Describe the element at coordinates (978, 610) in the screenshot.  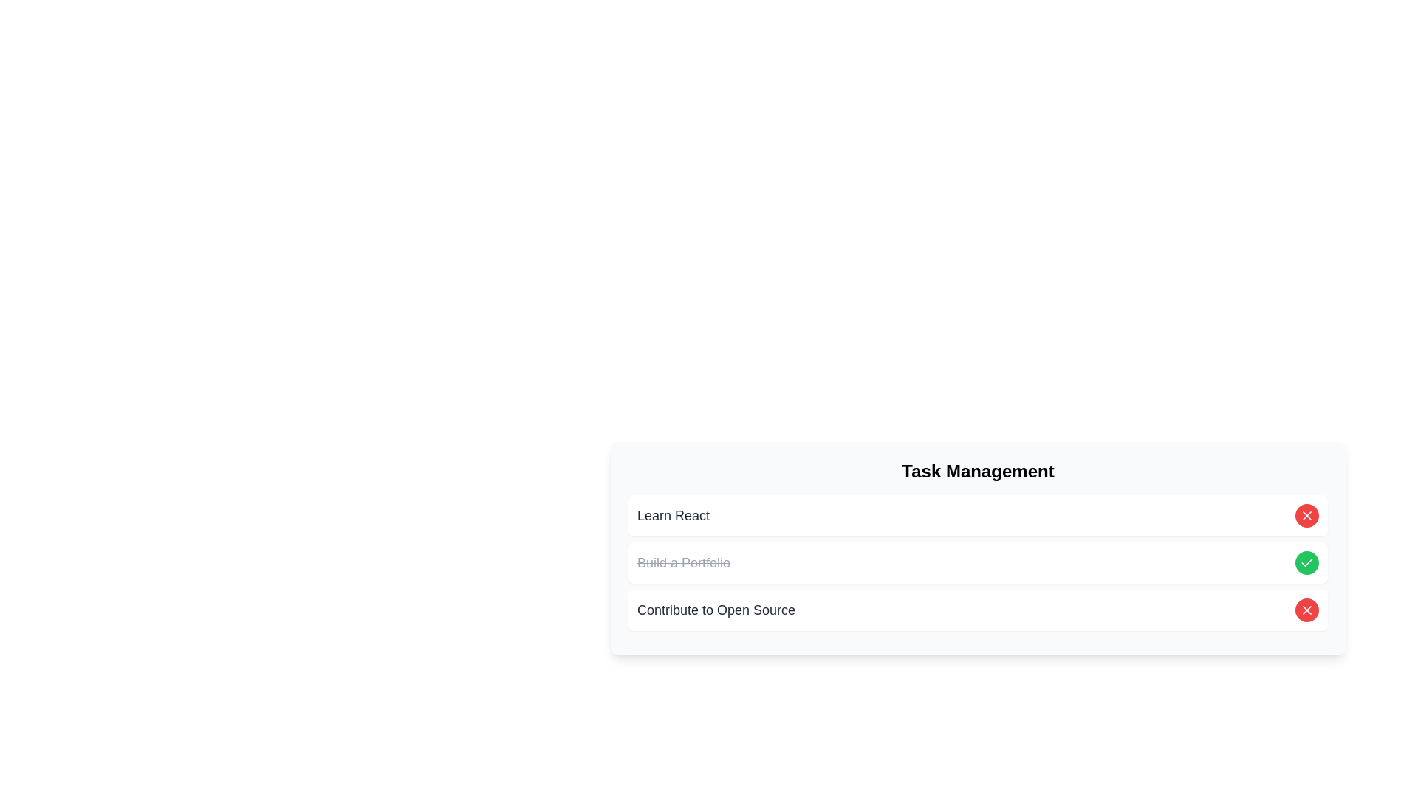
I see `the card titled 'Contribute` at that location.